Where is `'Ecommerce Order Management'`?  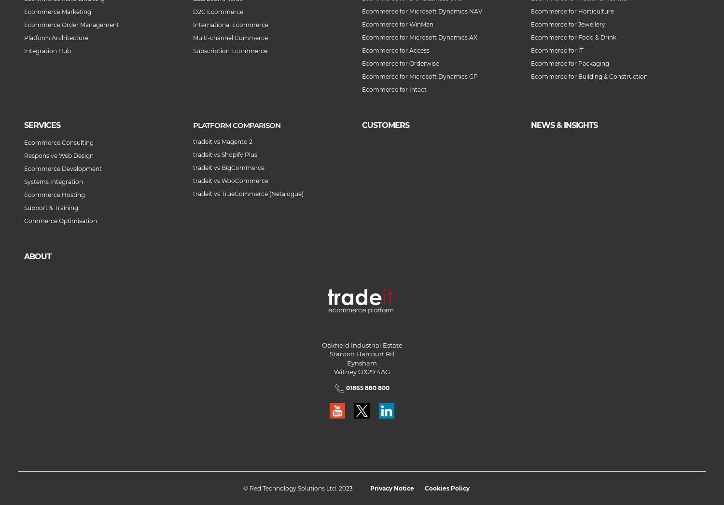
'Ecommerce Order Management' is located at coordinates (71, 24).